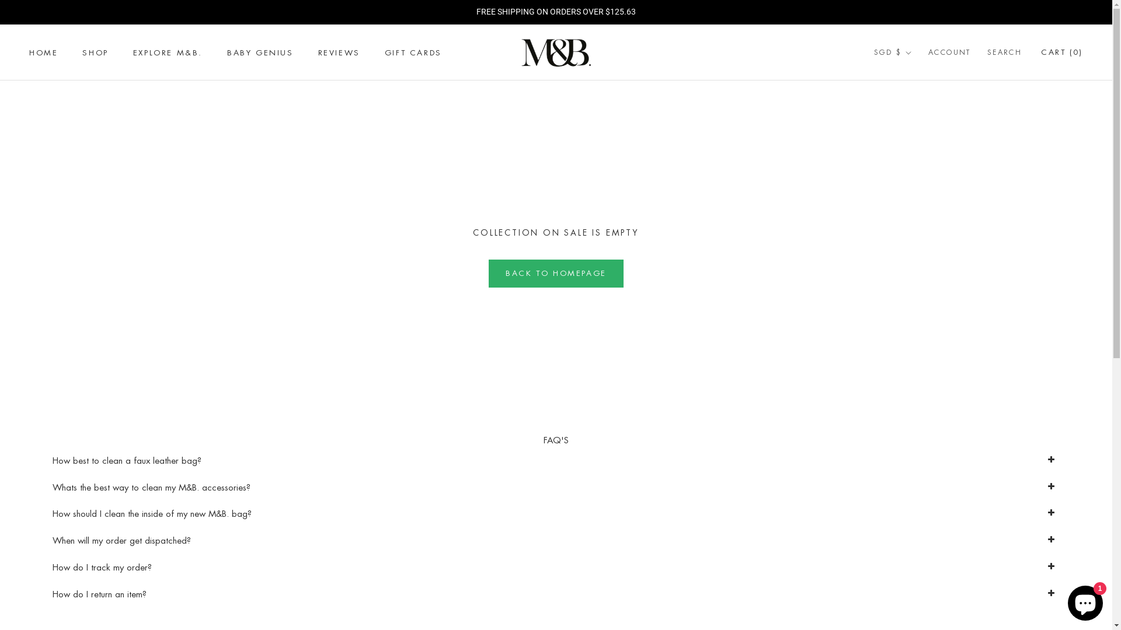 The image size is (1121, 630). I want to click on 'BABY GENIUS', so click(260, 52).